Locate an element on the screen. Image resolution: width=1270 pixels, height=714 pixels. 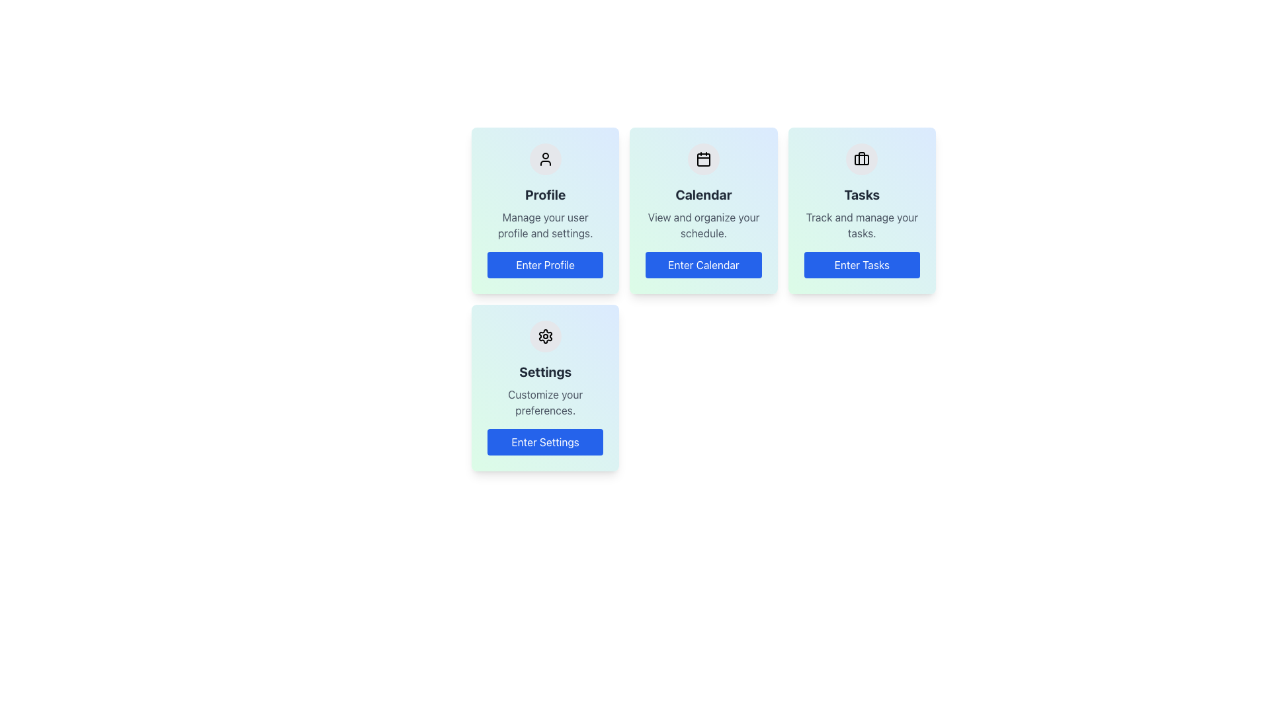
the 'Tasks' heading text element, which is bold and large, displayed in a grayish tone against a gradient background, located in the upper-middle section of the 'Tasks' card on the right side of the layout is located at coordinates (862, 194).